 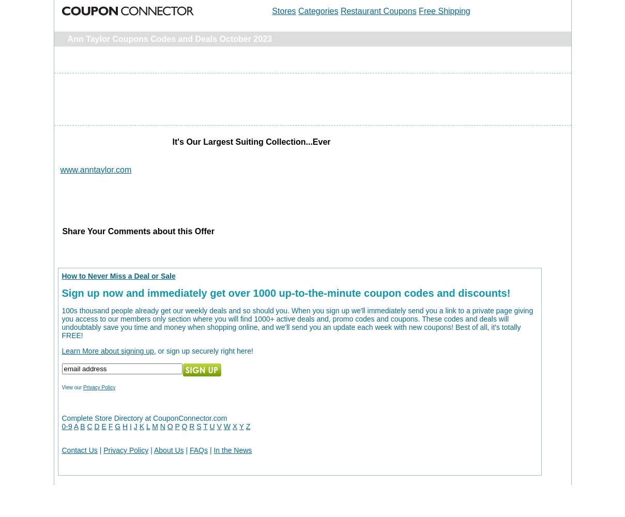 I want to click on 'W', so click(x=226, y=426).